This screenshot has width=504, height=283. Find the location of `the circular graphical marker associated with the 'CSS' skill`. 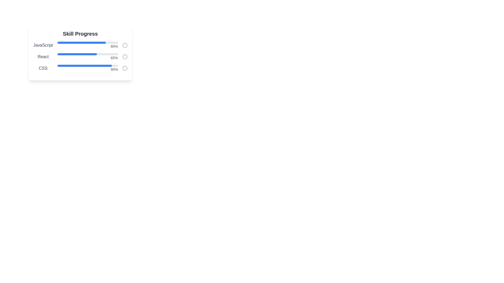

the circular graphical marker associated with the 'CSS' skill is located at coordinates (124, 68).